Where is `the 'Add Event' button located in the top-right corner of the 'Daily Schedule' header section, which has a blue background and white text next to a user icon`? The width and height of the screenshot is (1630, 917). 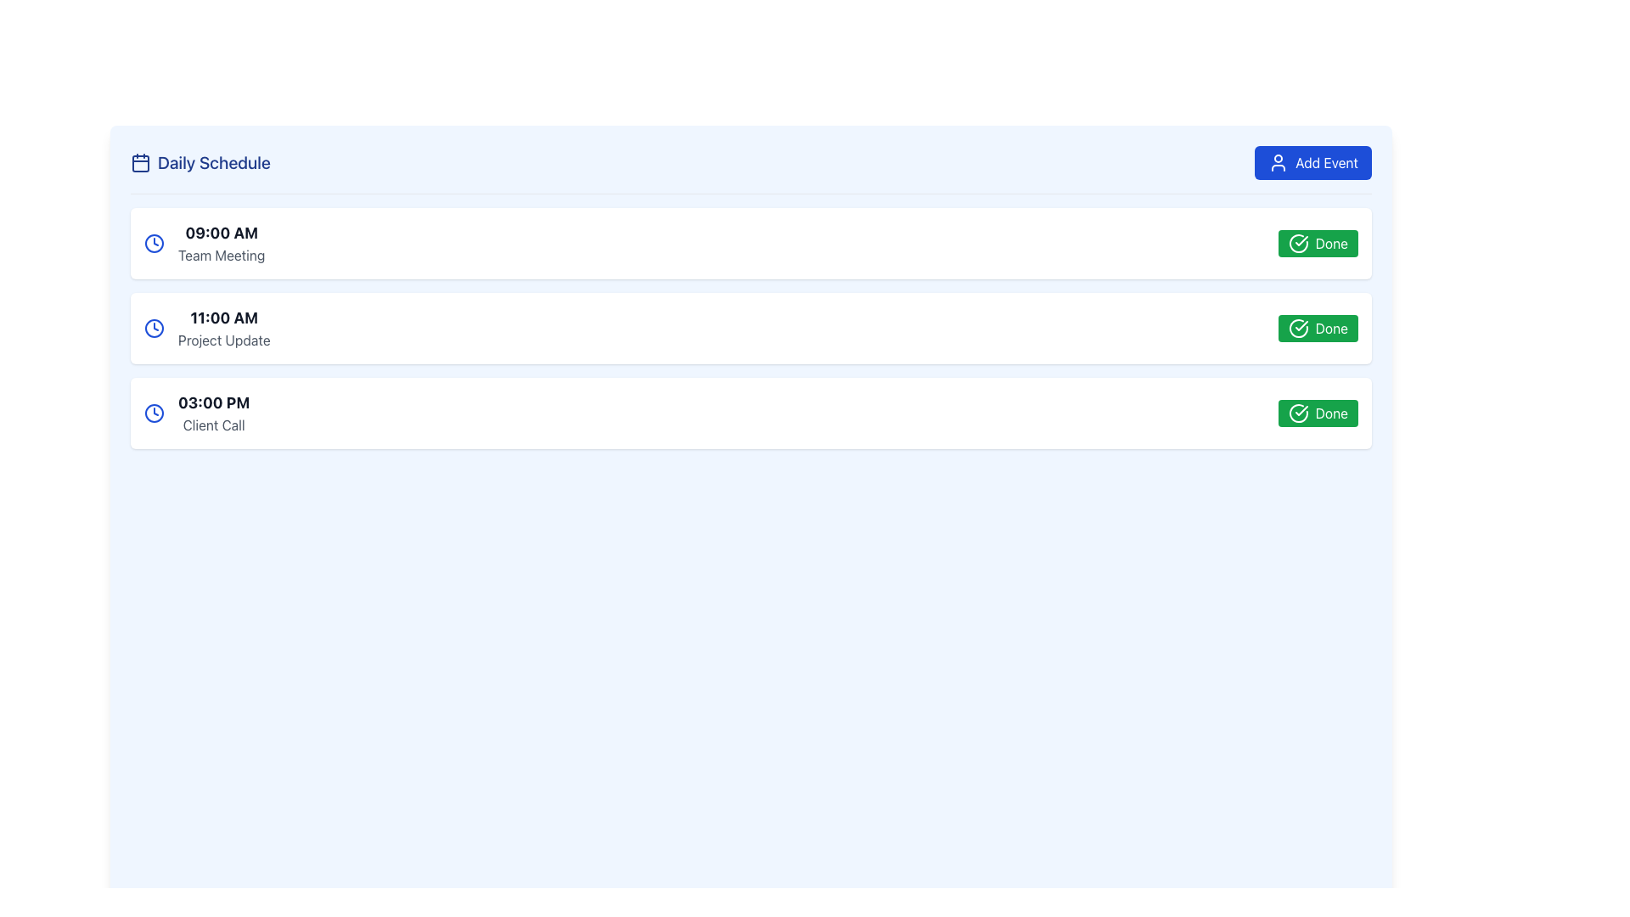
the 'Add Event' button located in the top-right corner of the 'Daily Schedule' header section, which has a blue background and white text next to a user icon is located at coordinates (1312, 163).